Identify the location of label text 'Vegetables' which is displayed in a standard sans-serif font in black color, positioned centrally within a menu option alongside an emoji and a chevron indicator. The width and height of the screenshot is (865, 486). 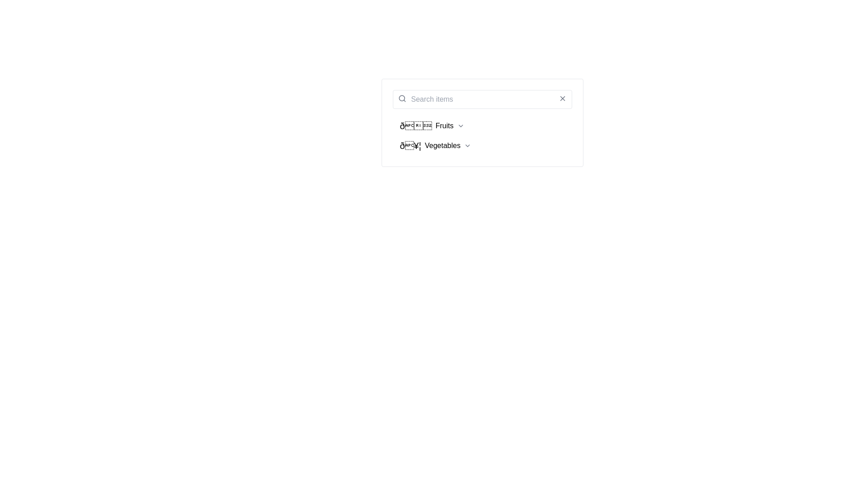
(442, 145).